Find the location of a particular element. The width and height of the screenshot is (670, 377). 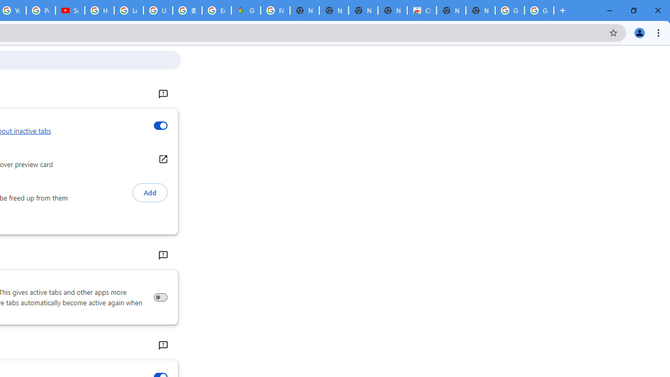

'Google Images' is located at coordinates (539, 10).